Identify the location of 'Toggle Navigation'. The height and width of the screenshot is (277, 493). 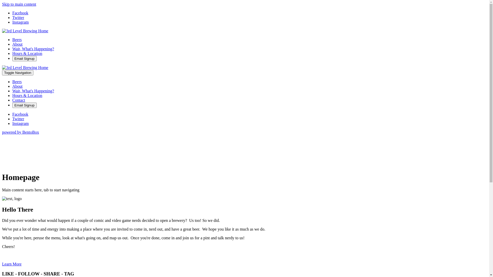
(17, 73).